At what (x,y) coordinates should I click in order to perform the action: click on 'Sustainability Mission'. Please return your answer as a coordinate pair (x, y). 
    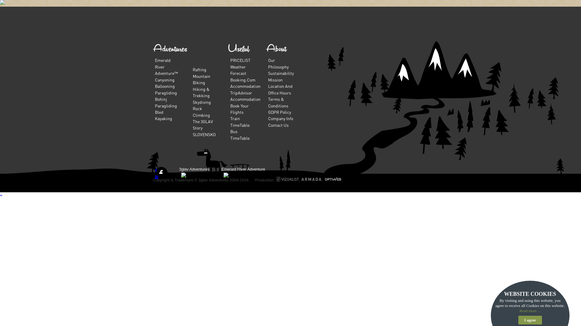
    Looking at the image, I should click on (268, 76).